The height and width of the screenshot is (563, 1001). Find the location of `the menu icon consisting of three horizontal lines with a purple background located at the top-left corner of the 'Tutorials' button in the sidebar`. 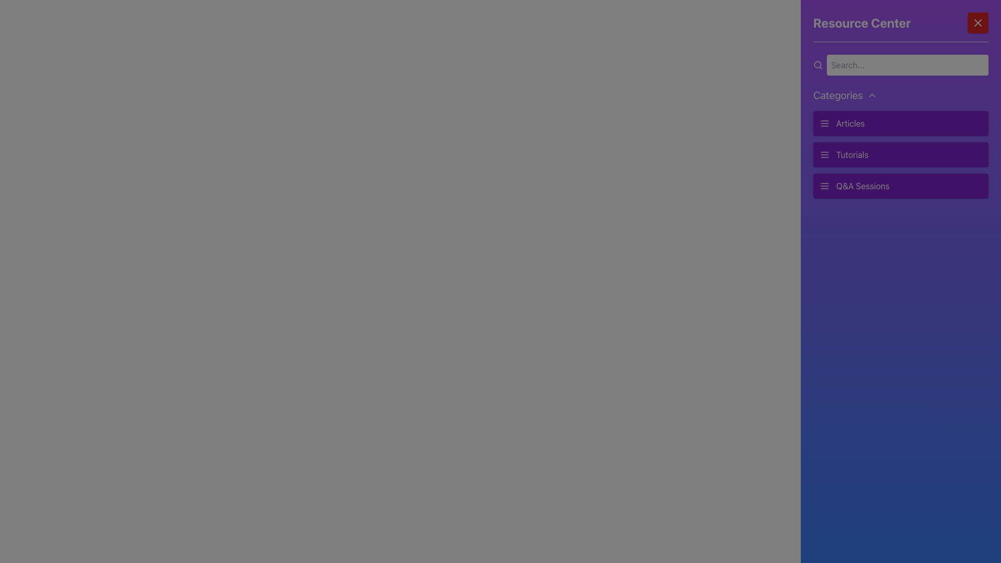

the menu icon consisting of three horizontal lines with a purple background located at the top-left corner of the 'Tutorials' button in the sidebar is located at coordinates (824, 155).